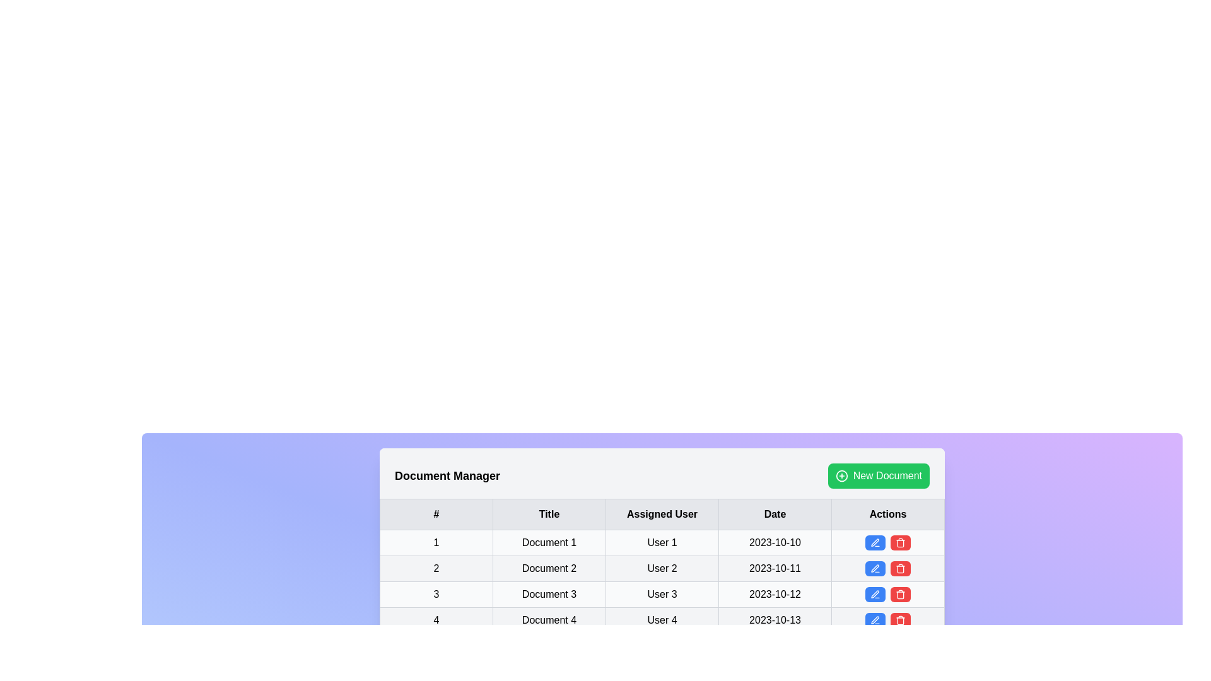  I want to click on the blue button with a white pen icon in the 'Actions' column of the 'Document 4' row to observe the hover effect, so click(874, 619).